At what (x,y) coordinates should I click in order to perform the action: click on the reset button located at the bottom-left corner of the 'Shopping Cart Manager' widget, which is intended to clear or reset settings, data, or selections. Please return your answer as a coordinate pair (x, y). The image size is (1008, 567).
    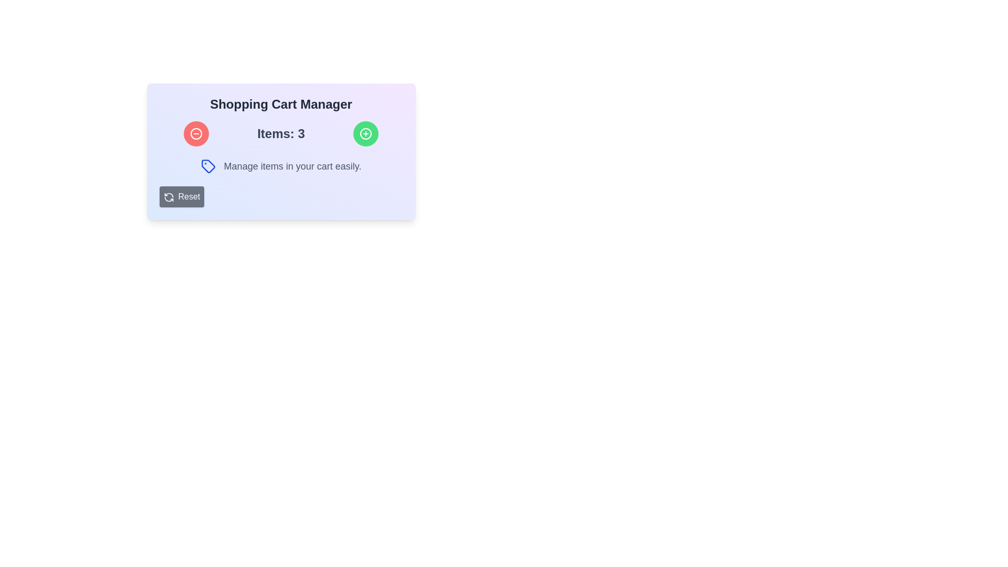
    Looking at the image, I should click on (189, 196).